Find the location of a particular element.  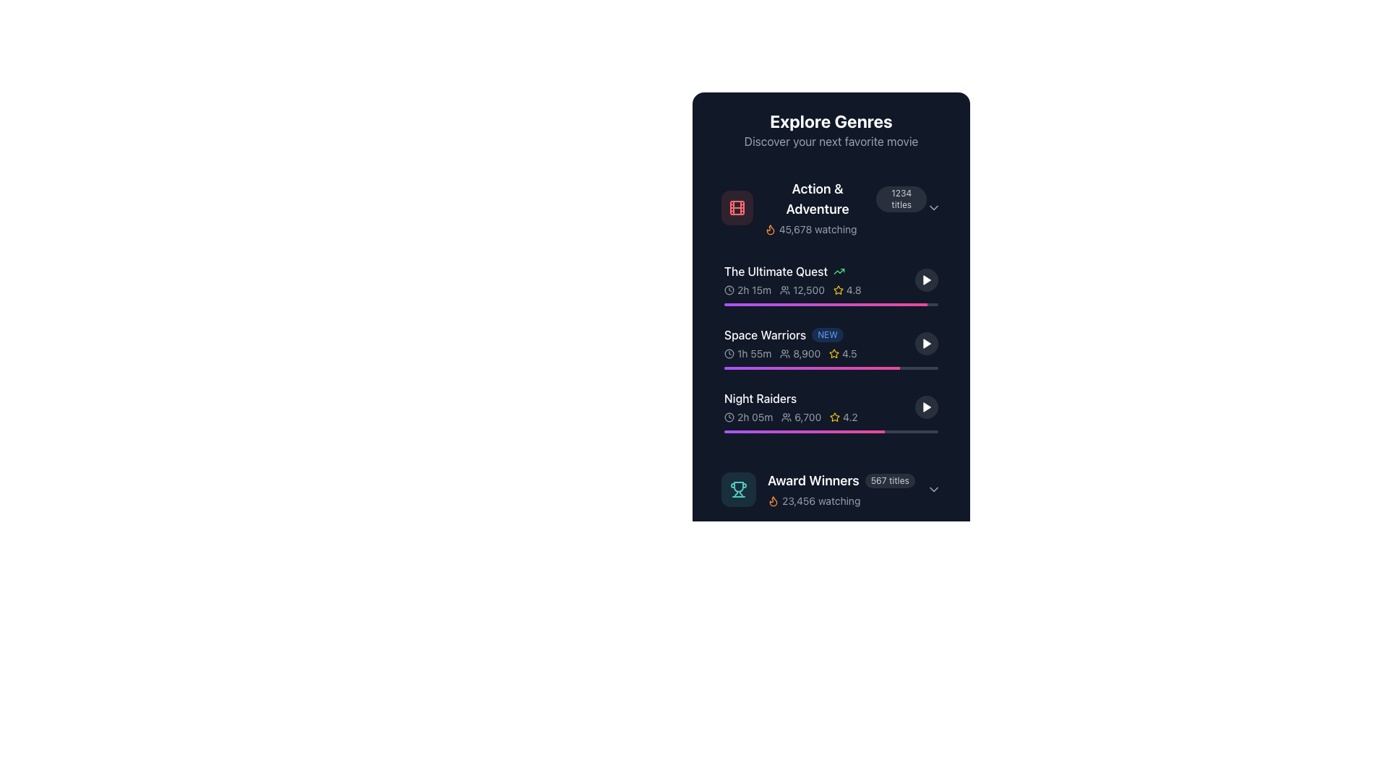

the small triangular play button located in the rightmost area of the row for the movie entry labeled 'Space Warriors' is located at coordinates (927, 343).